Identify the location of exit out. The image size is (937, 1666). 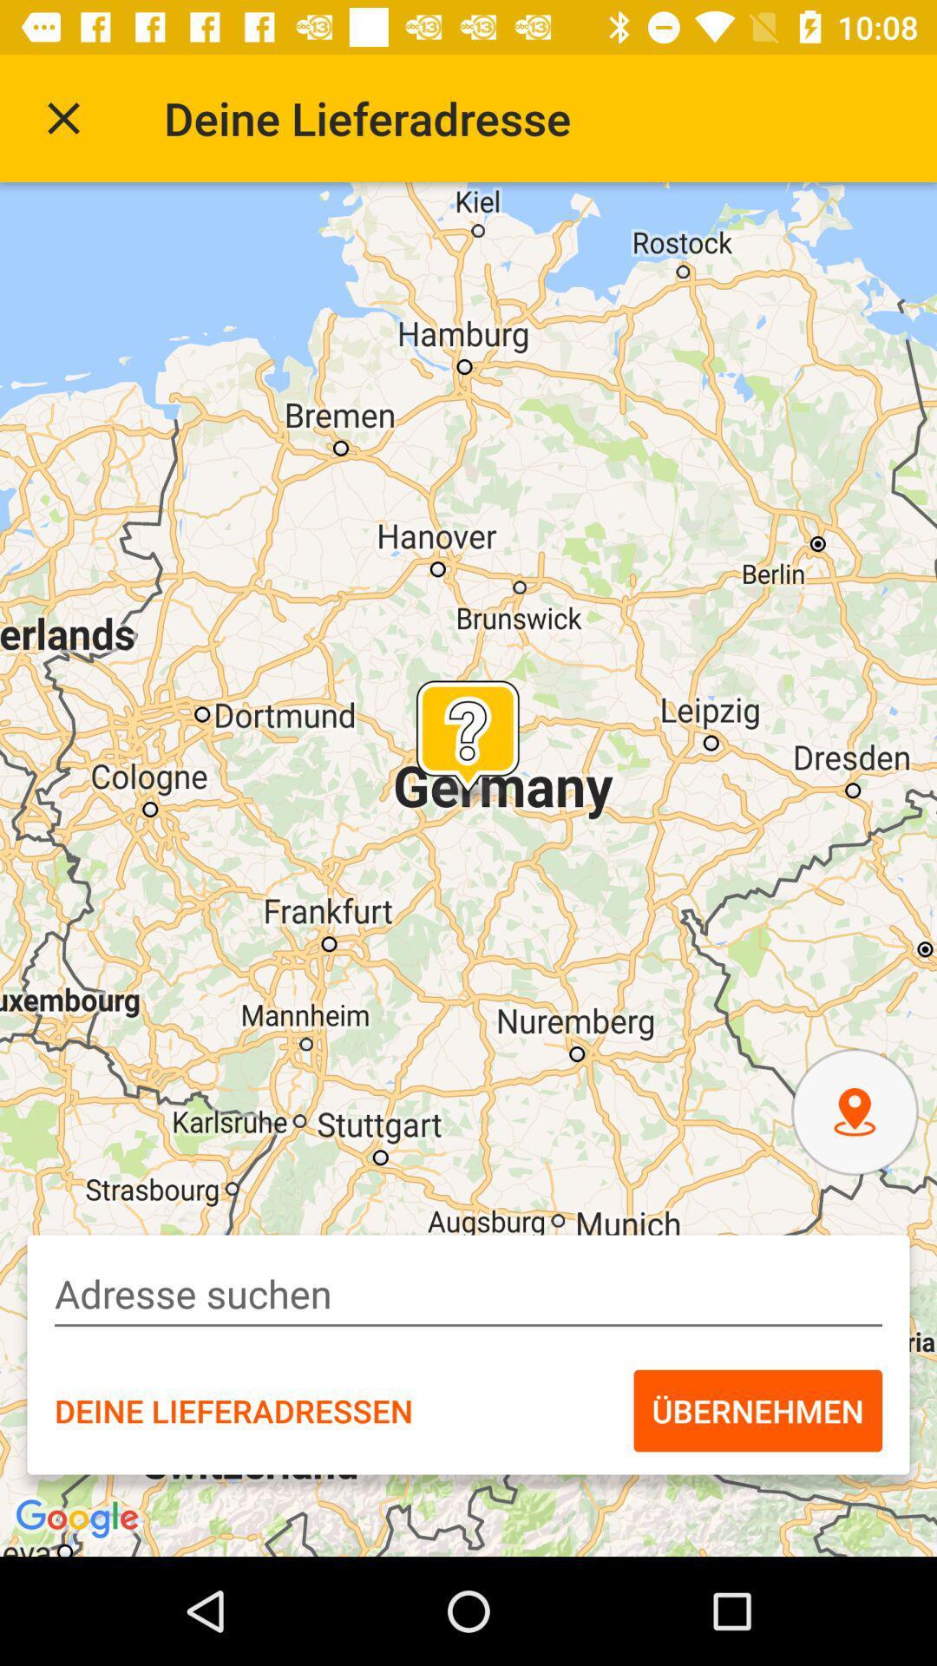
(62, 117).